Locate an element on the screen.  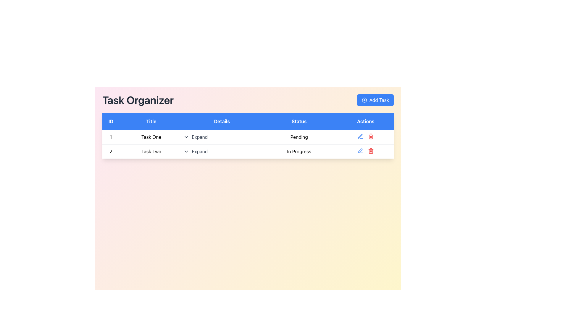
the Text Label indicating the current task status, which is set to 'Pending', located in the 'Status' column of the first row in the table is located at coordinates (299, 137).